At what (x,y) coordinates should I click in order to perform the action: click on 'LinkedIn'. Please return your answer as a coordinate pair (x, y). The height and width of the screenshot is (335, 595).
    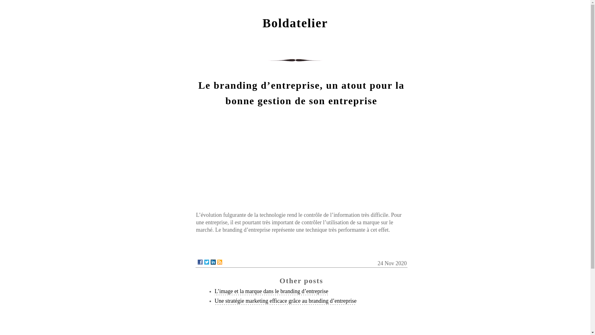
    Looking at the image, I should click on (213, 262).